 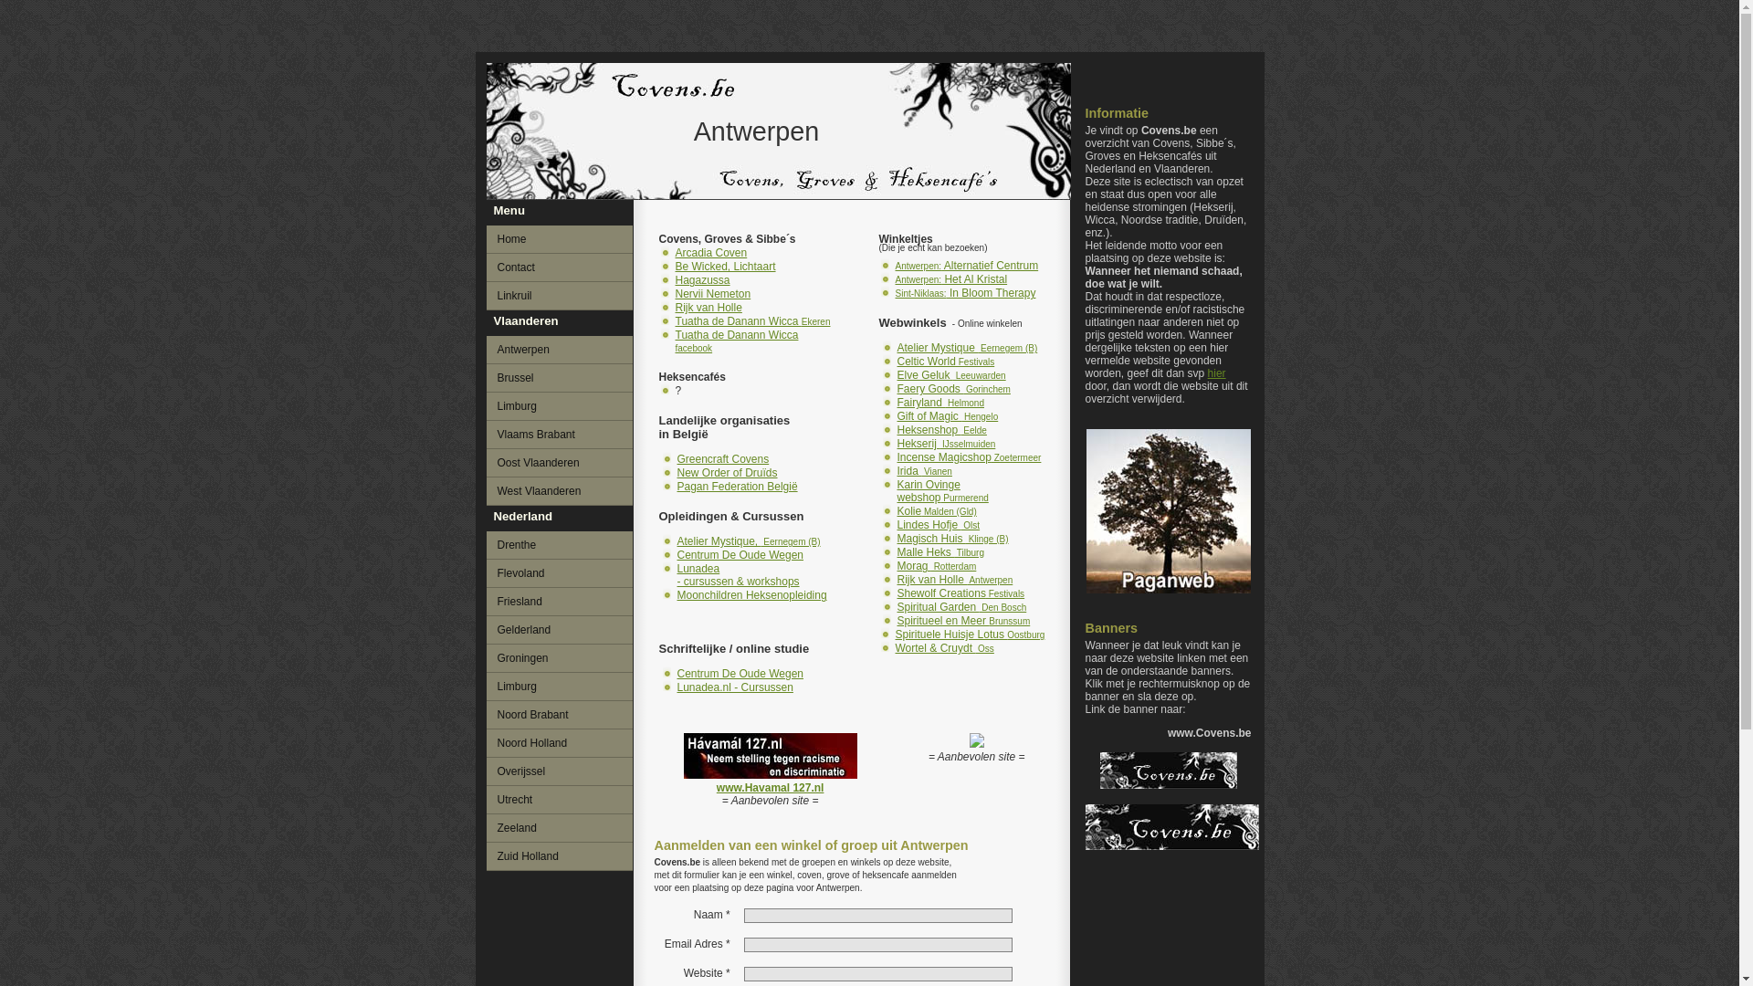 What do you see at coordinates (725, 267) in the screenshot?
I see `'Be Wicked, Lichtaart'` at bounding box center [725, 267].